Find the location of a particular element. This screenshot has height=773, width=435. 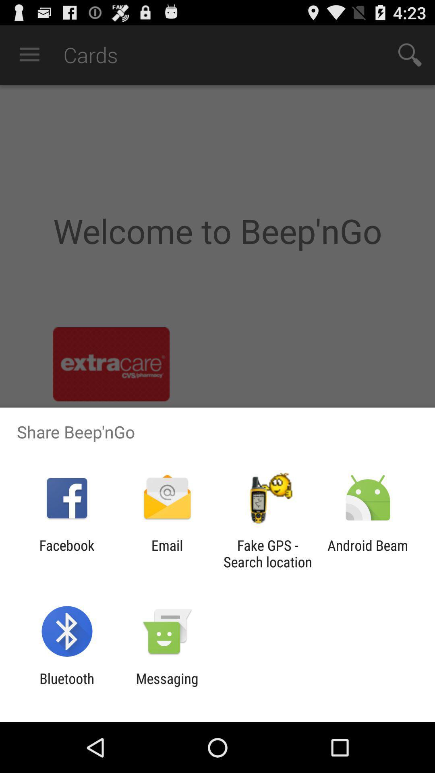

item to the left of fake gps search item is located at coordinates (167, 553).